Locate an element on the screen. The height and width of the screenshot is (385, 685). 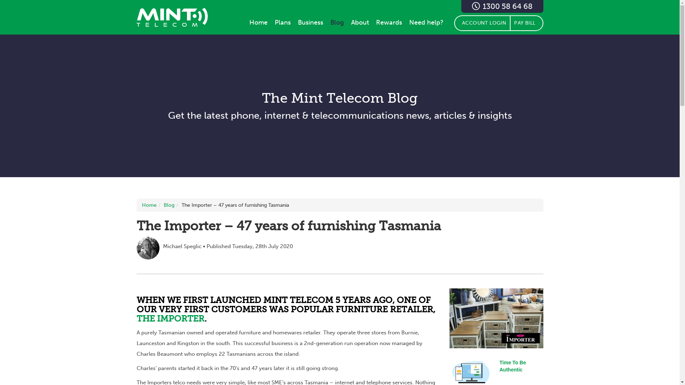
'ACCOUNT LOGIN' is located at coordinates (482, 23).